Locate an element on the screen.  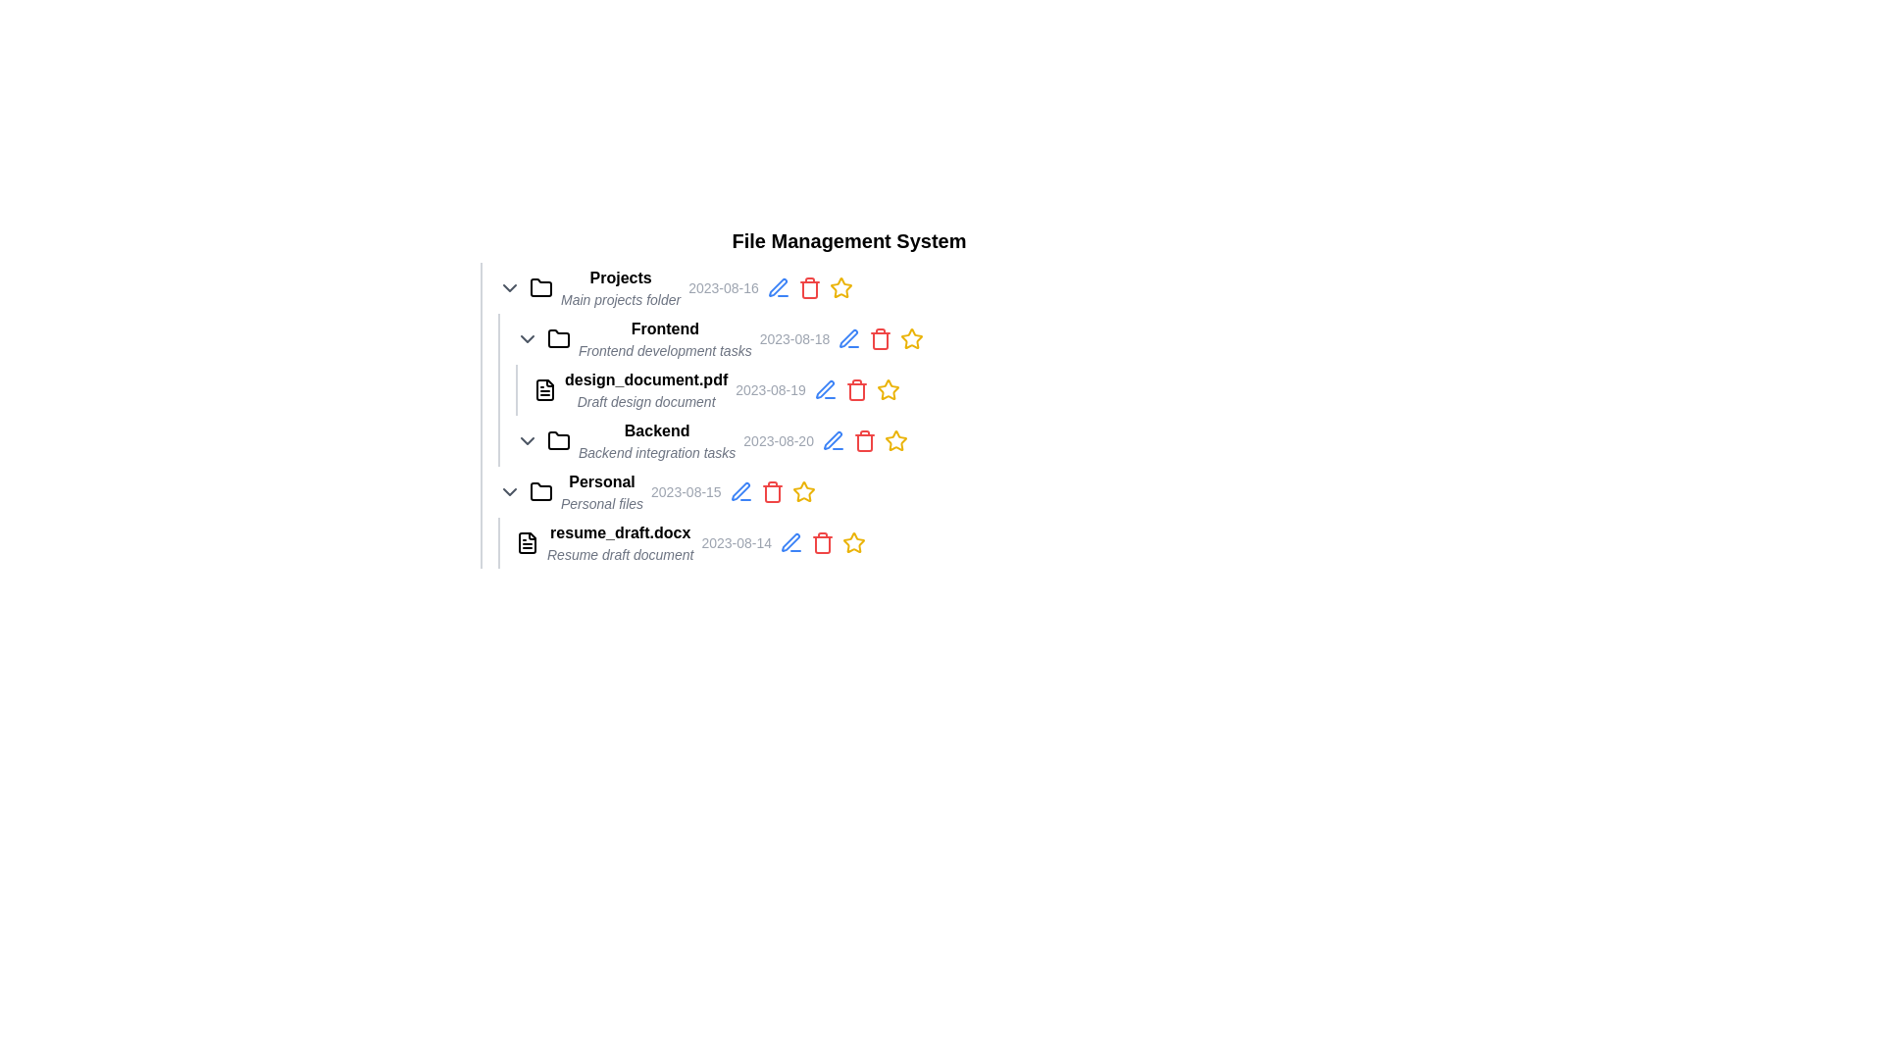
the red trash icon which serves as the delete action button for the 'Projects' folder, located on the far-right side of the row labeled 'Projects.' is located at coordinates (809, 287).